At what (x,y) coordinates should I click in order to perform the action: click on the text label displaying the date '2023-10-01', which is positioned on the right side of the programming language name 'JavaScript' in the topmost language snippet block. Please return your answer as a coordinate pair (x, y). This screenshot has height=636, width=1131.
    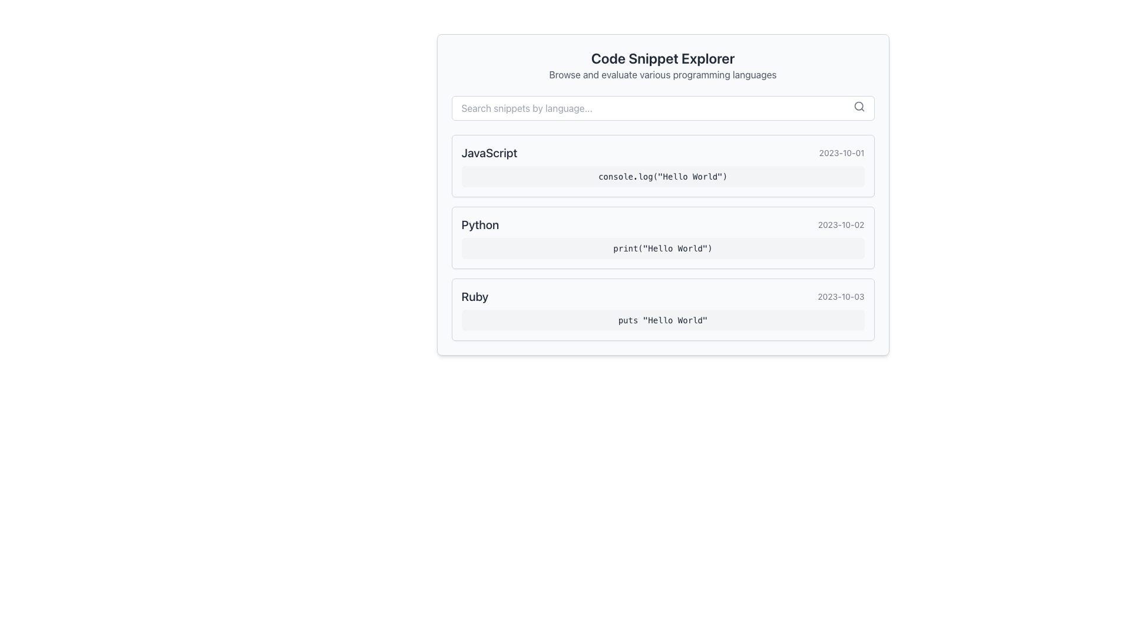
    Looking at the image, I should click on (841, 152).